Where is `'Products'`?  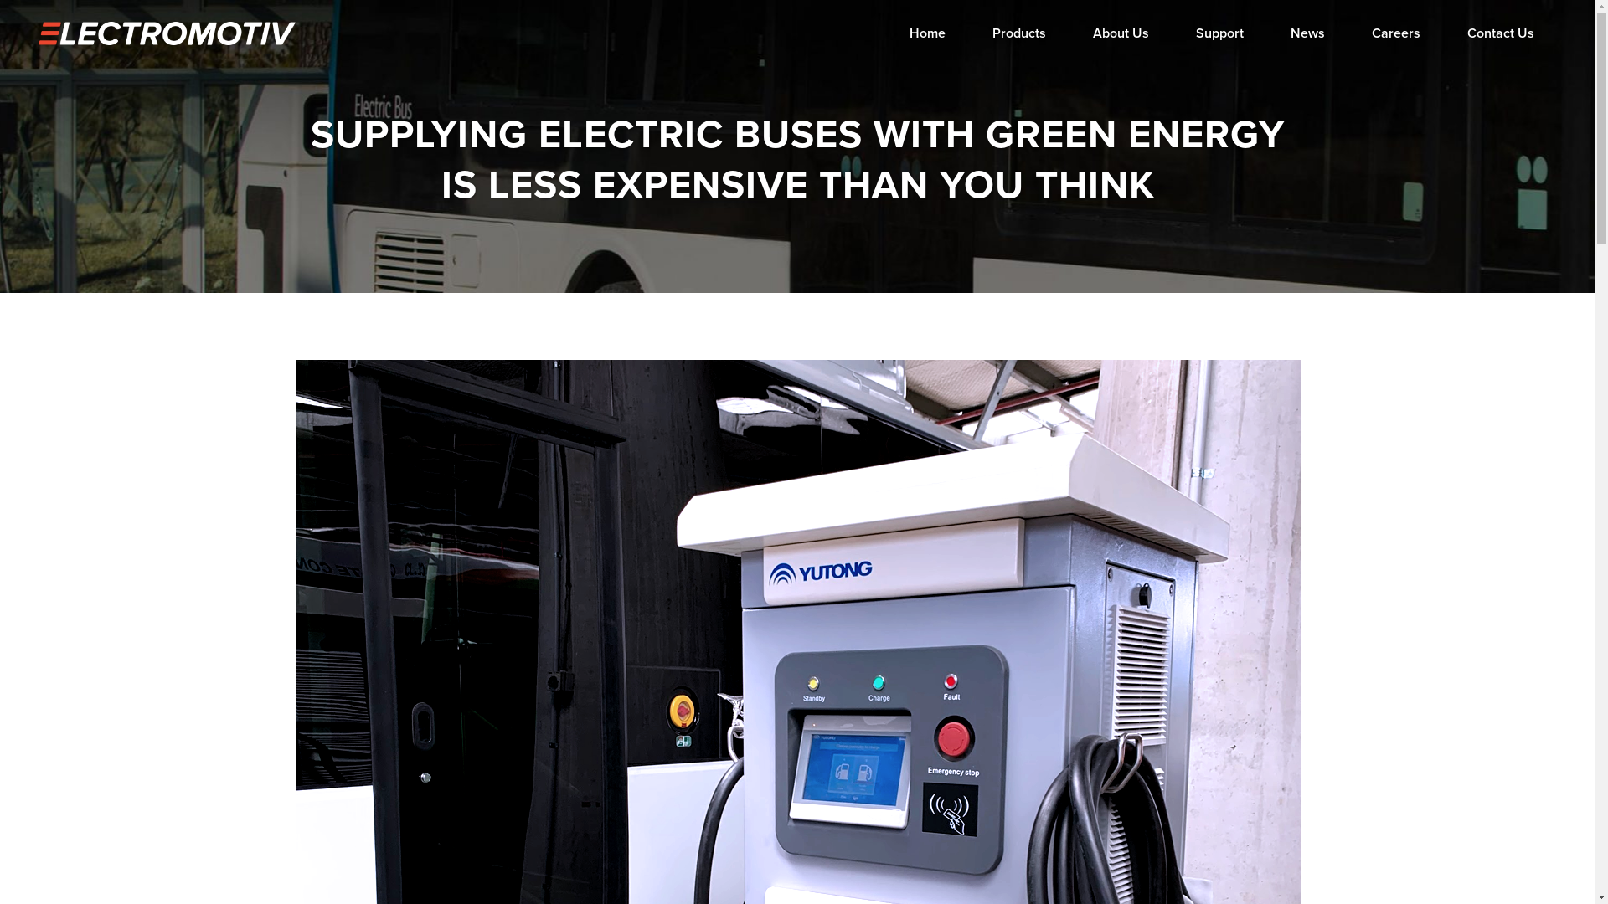
'Products' is located at coordinates (968, 33).